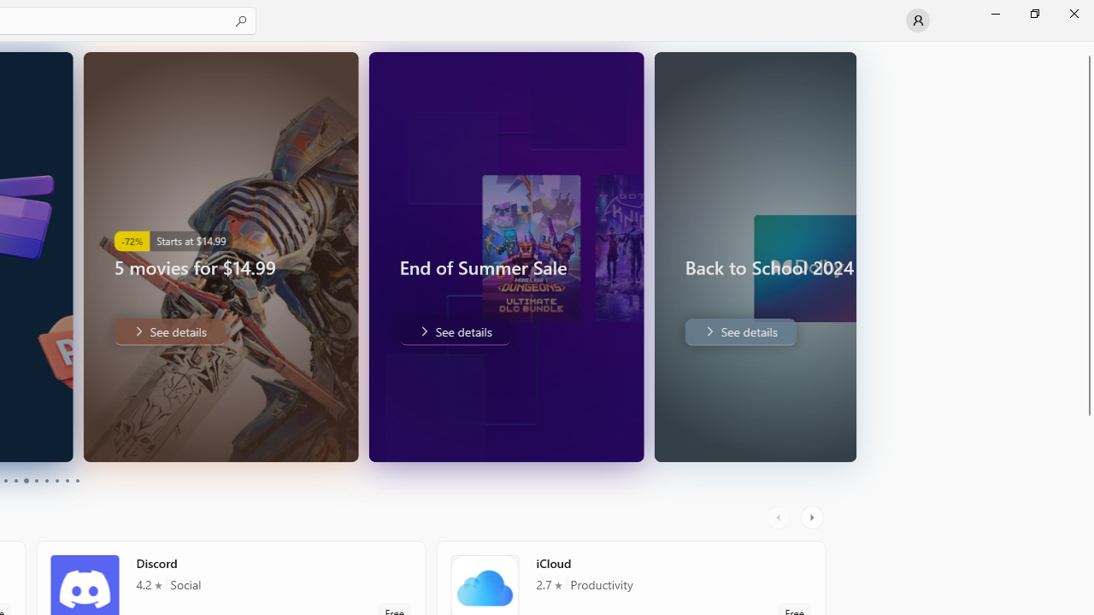 The height and width of the screenshot is (615, 1094). What do you see at coordinates (36, 481) in the screenshot?
I see `'Page 6'` at bounding box center [36, 481].